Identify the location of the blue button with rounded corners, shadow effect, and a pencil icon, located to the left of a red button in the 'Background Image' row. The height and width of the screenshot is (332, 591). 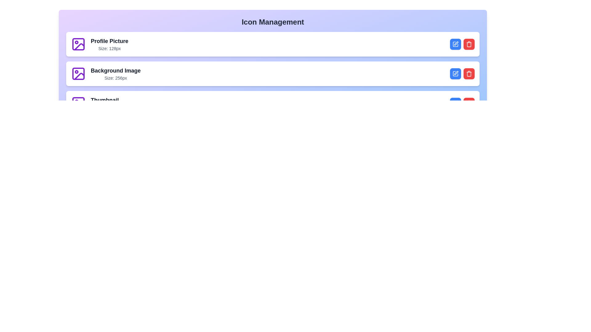
(455, 103).